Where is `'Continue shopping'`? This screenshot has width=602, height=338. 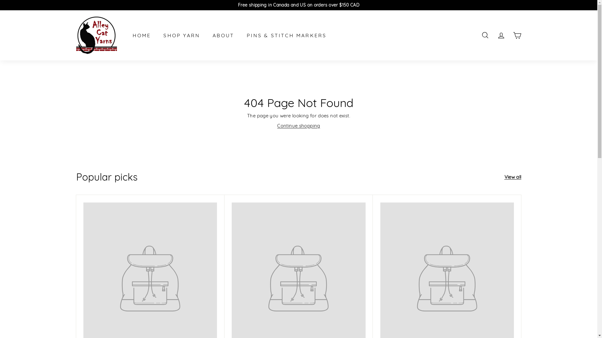 'Continue shopping' is located at coordinates (298, 125).